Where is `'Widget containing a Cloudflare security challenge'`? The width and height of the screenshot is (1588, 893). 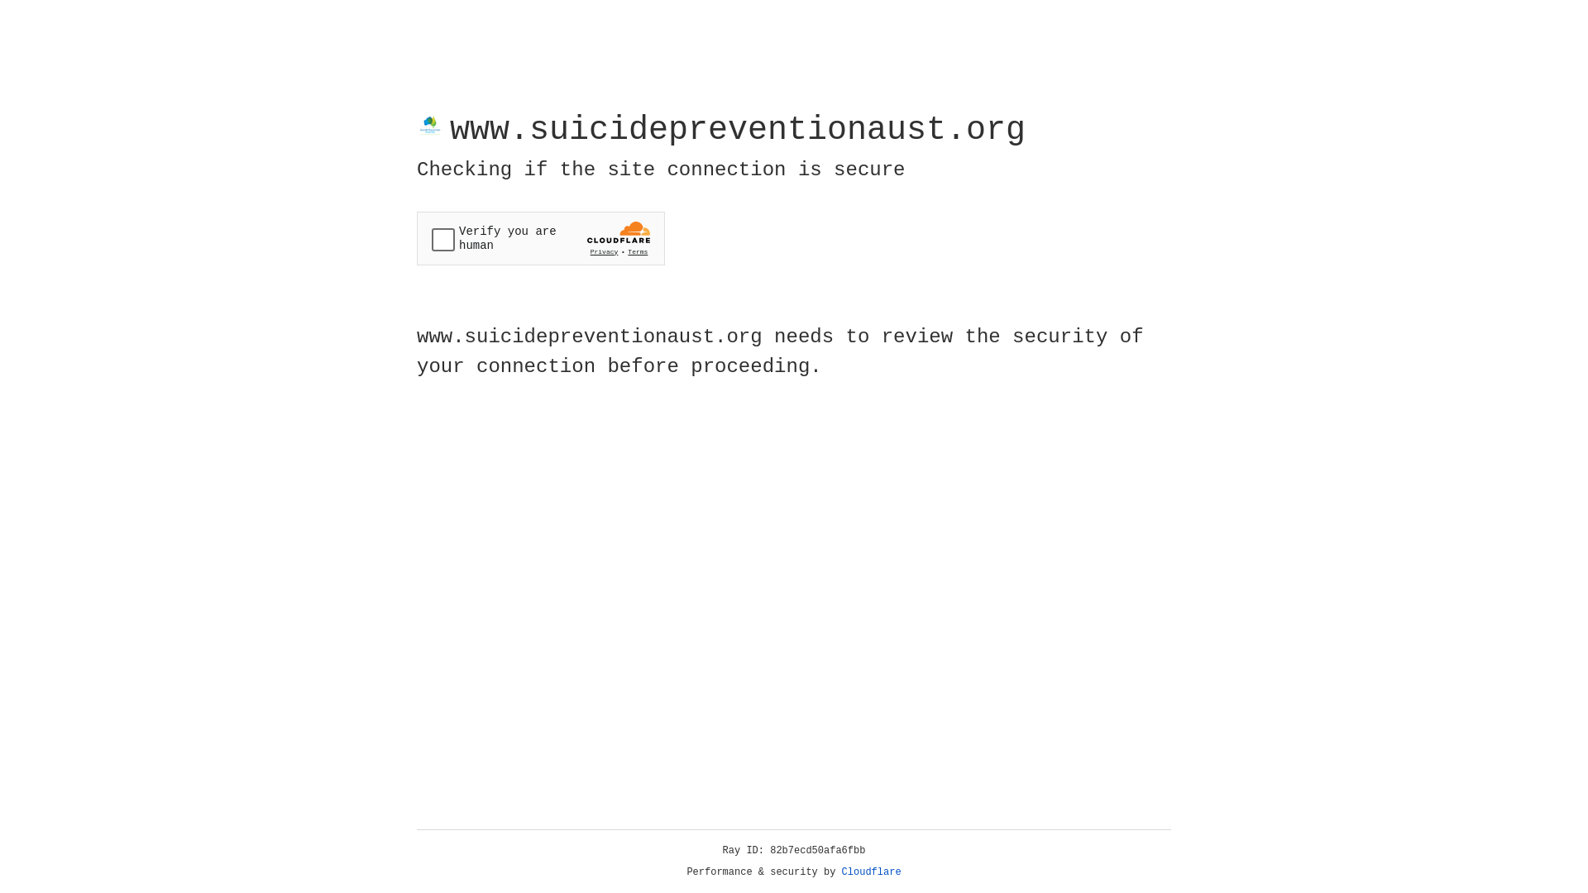
'Widget containing a Cloudflare security challenge' is located at coordinates (540, 238).